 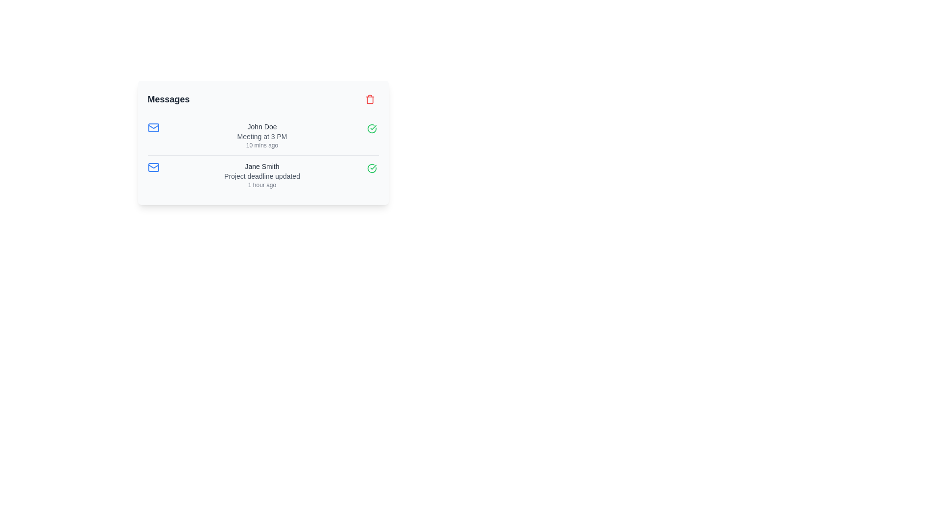 What do you see at coordinates (371, 128) in the screenshot?
I see `the green outlined circular checkmark icon located adjacent to the trash bin icon, positioned on the right-hand side of the first listed message` at bounding box center [371, 128].